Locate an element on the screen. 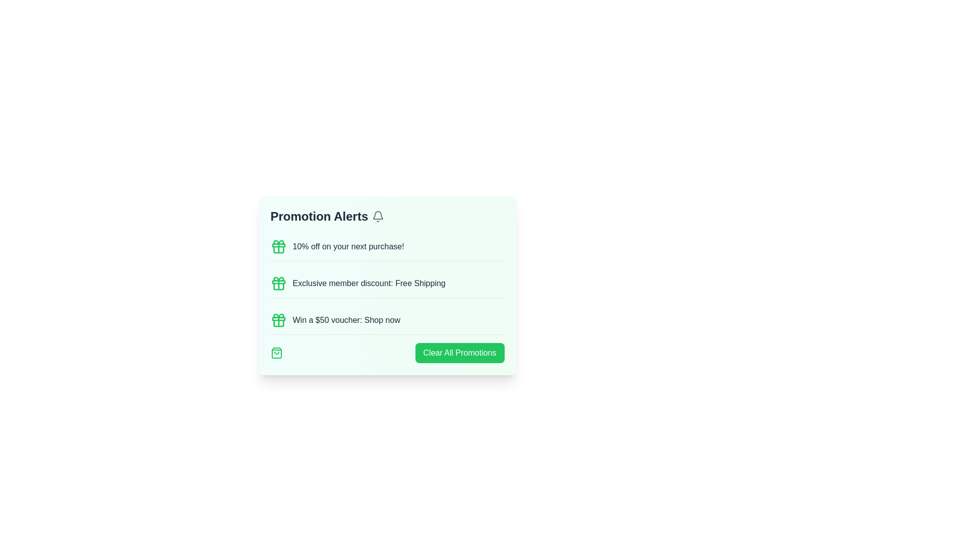 The image size is (968, 544). the Decorative Icon resembling a gift box located in the 'Promotion Alerts' section, adjacent to the text 'Win a $50 voucher: Shop now' is located at coordinates (278, 315).